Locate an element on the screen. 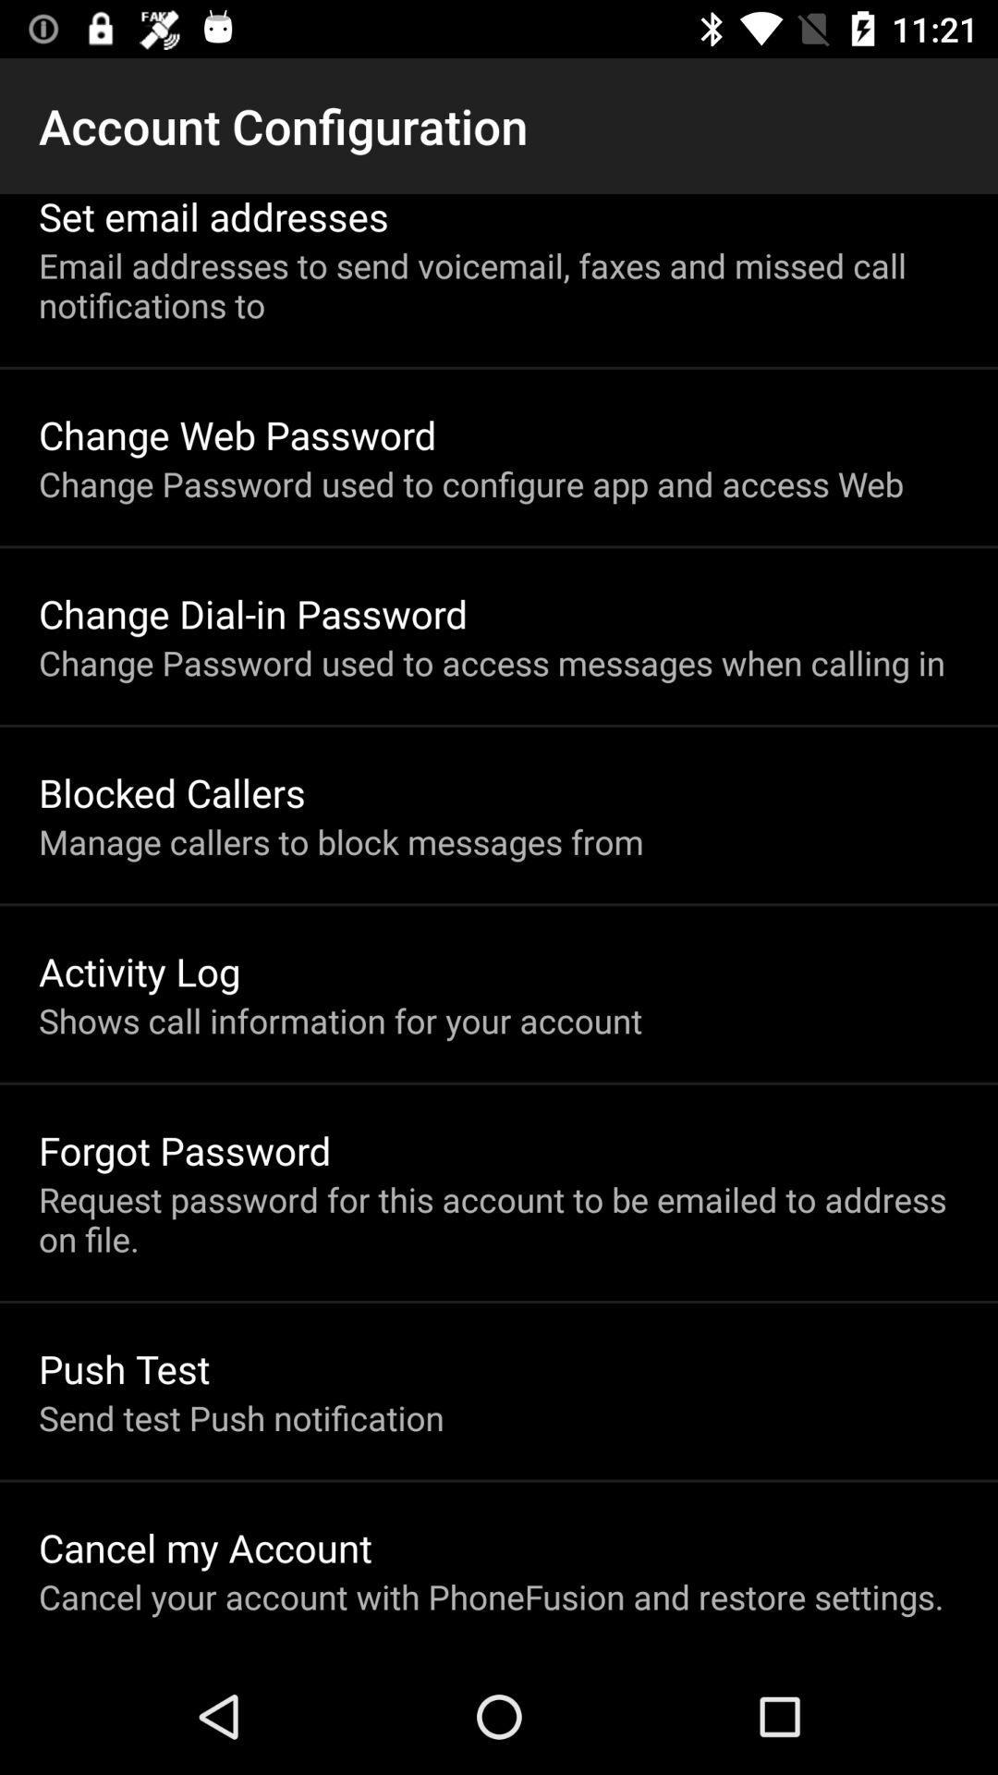 Image resolution: width=998 pixels, height=1775 pixels. the item above the manage callers to is located at coordinates (172, 792).